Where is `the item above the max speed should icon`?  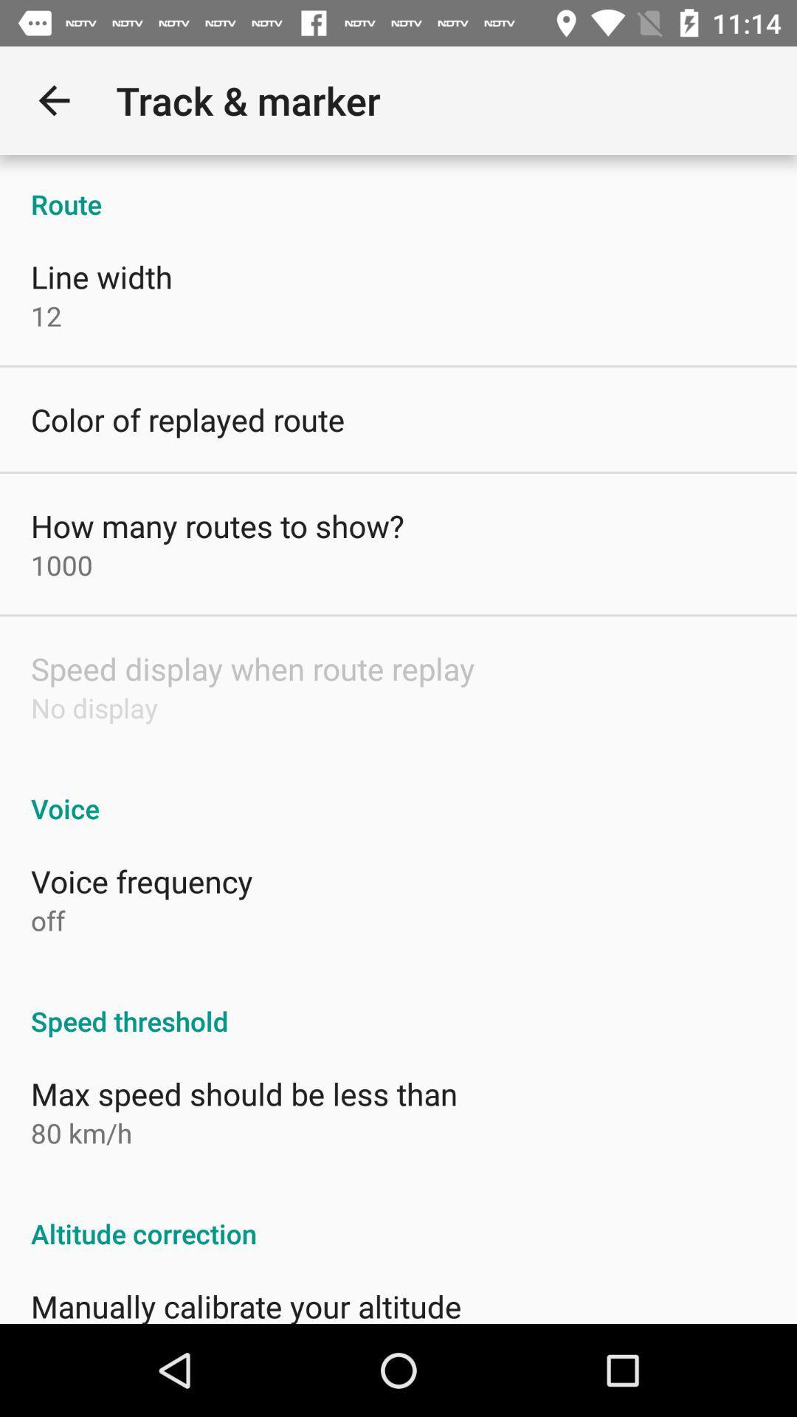
the item above the max speed should icon is located at coordinates (398, 1004).